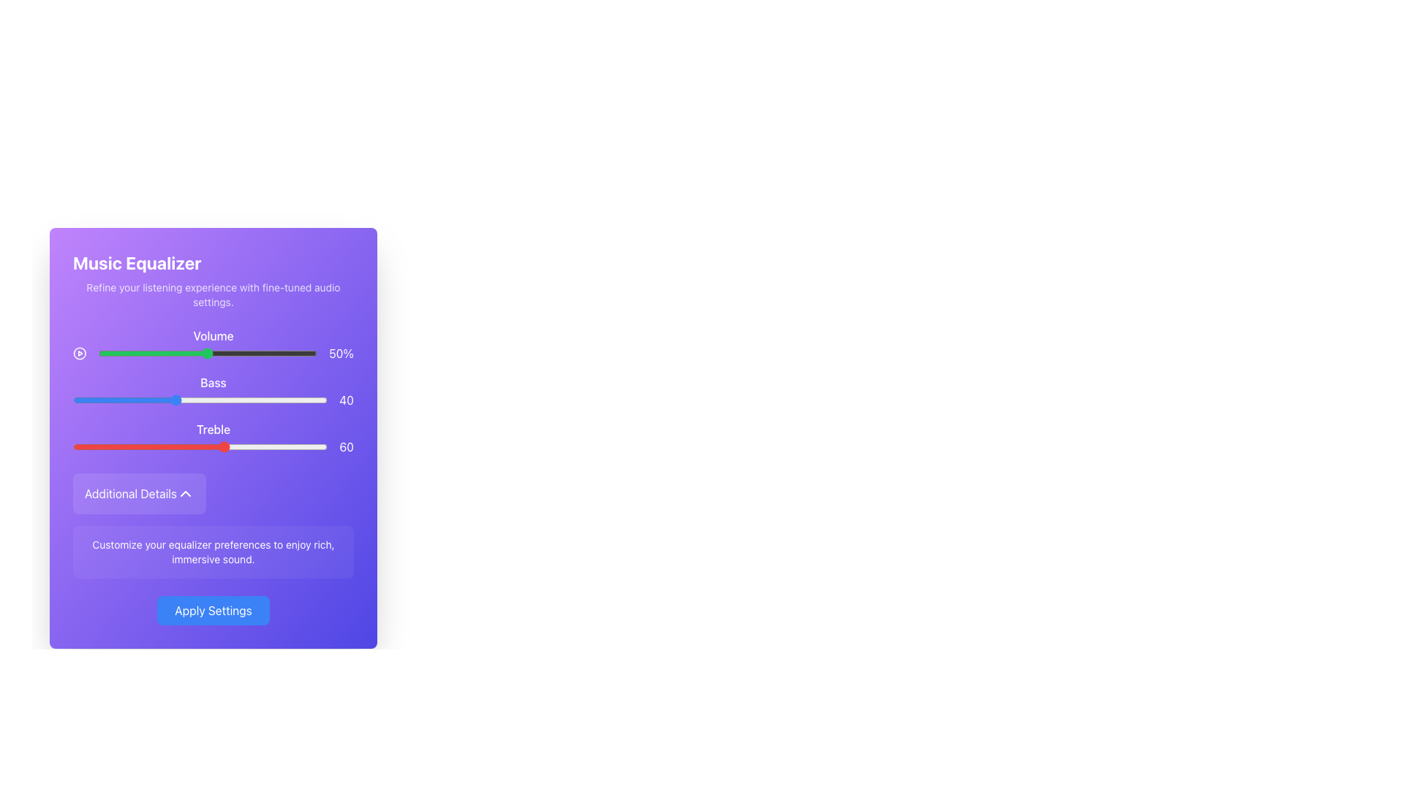 This screenshot has height=789, width=1404. Describe the element at coordinates (122, 353) in the screenshot. I see `the volume` at that location.